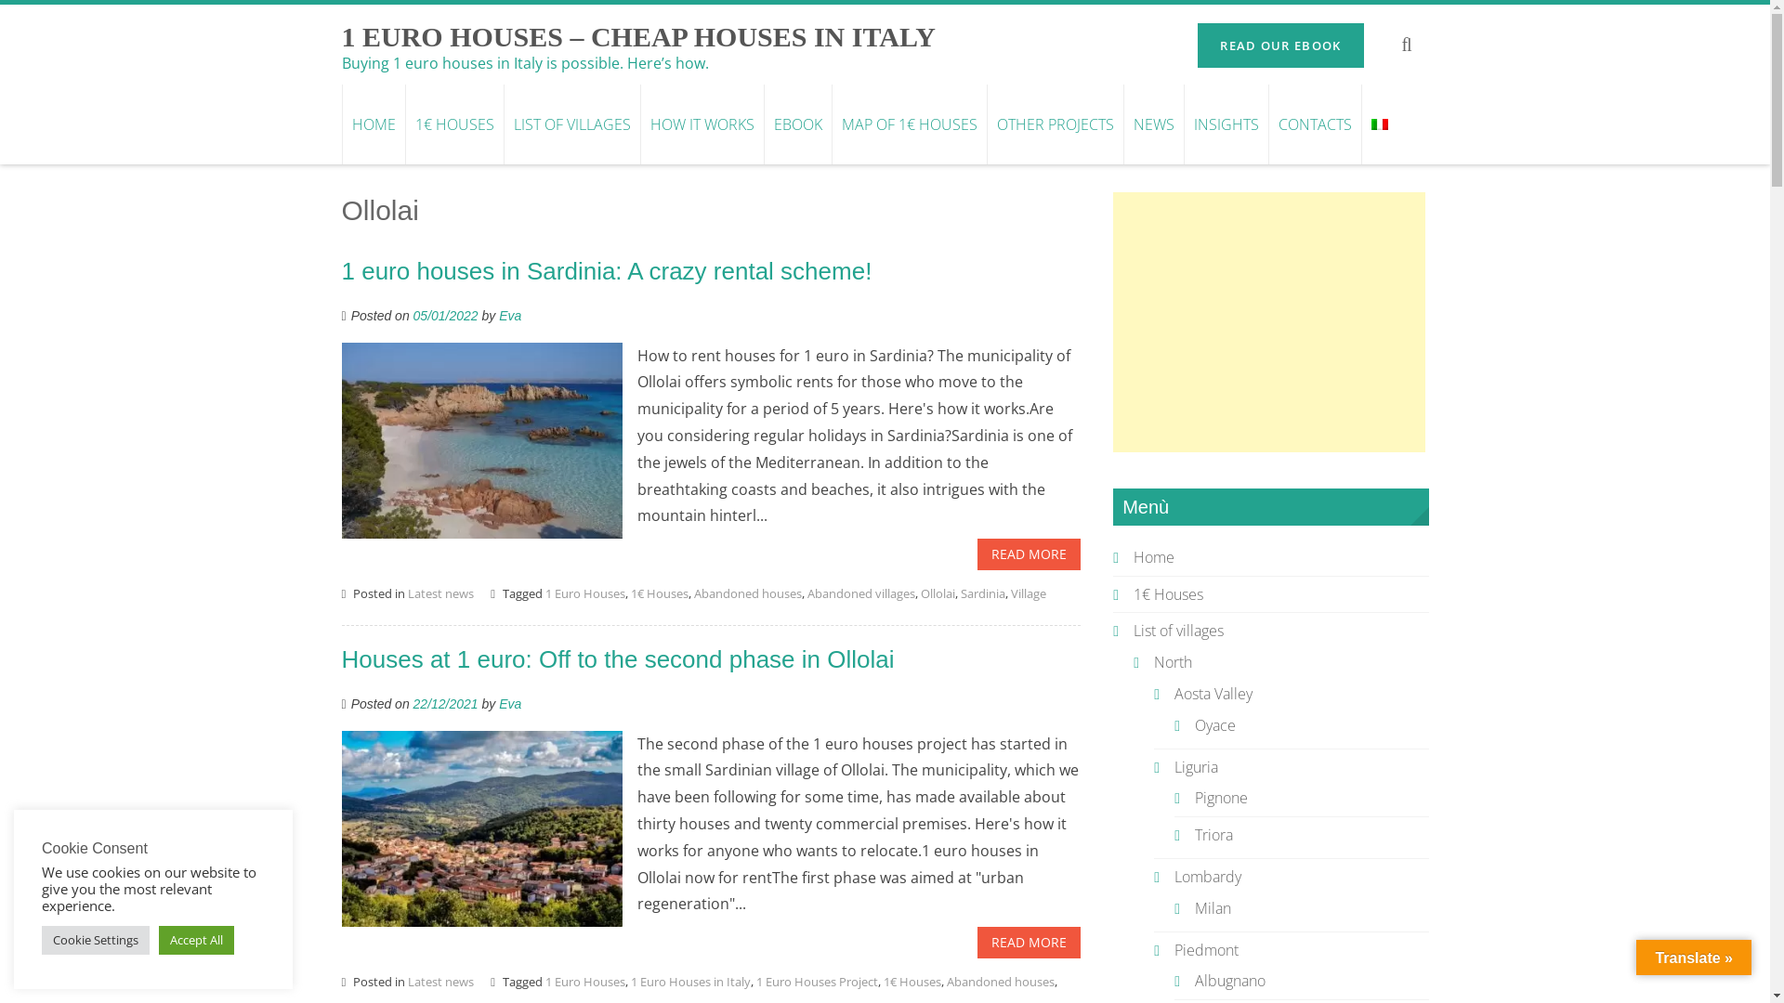  Describe the element at coordinates (1213, 833) in the screenshot. I see `'Triora'` at that location.